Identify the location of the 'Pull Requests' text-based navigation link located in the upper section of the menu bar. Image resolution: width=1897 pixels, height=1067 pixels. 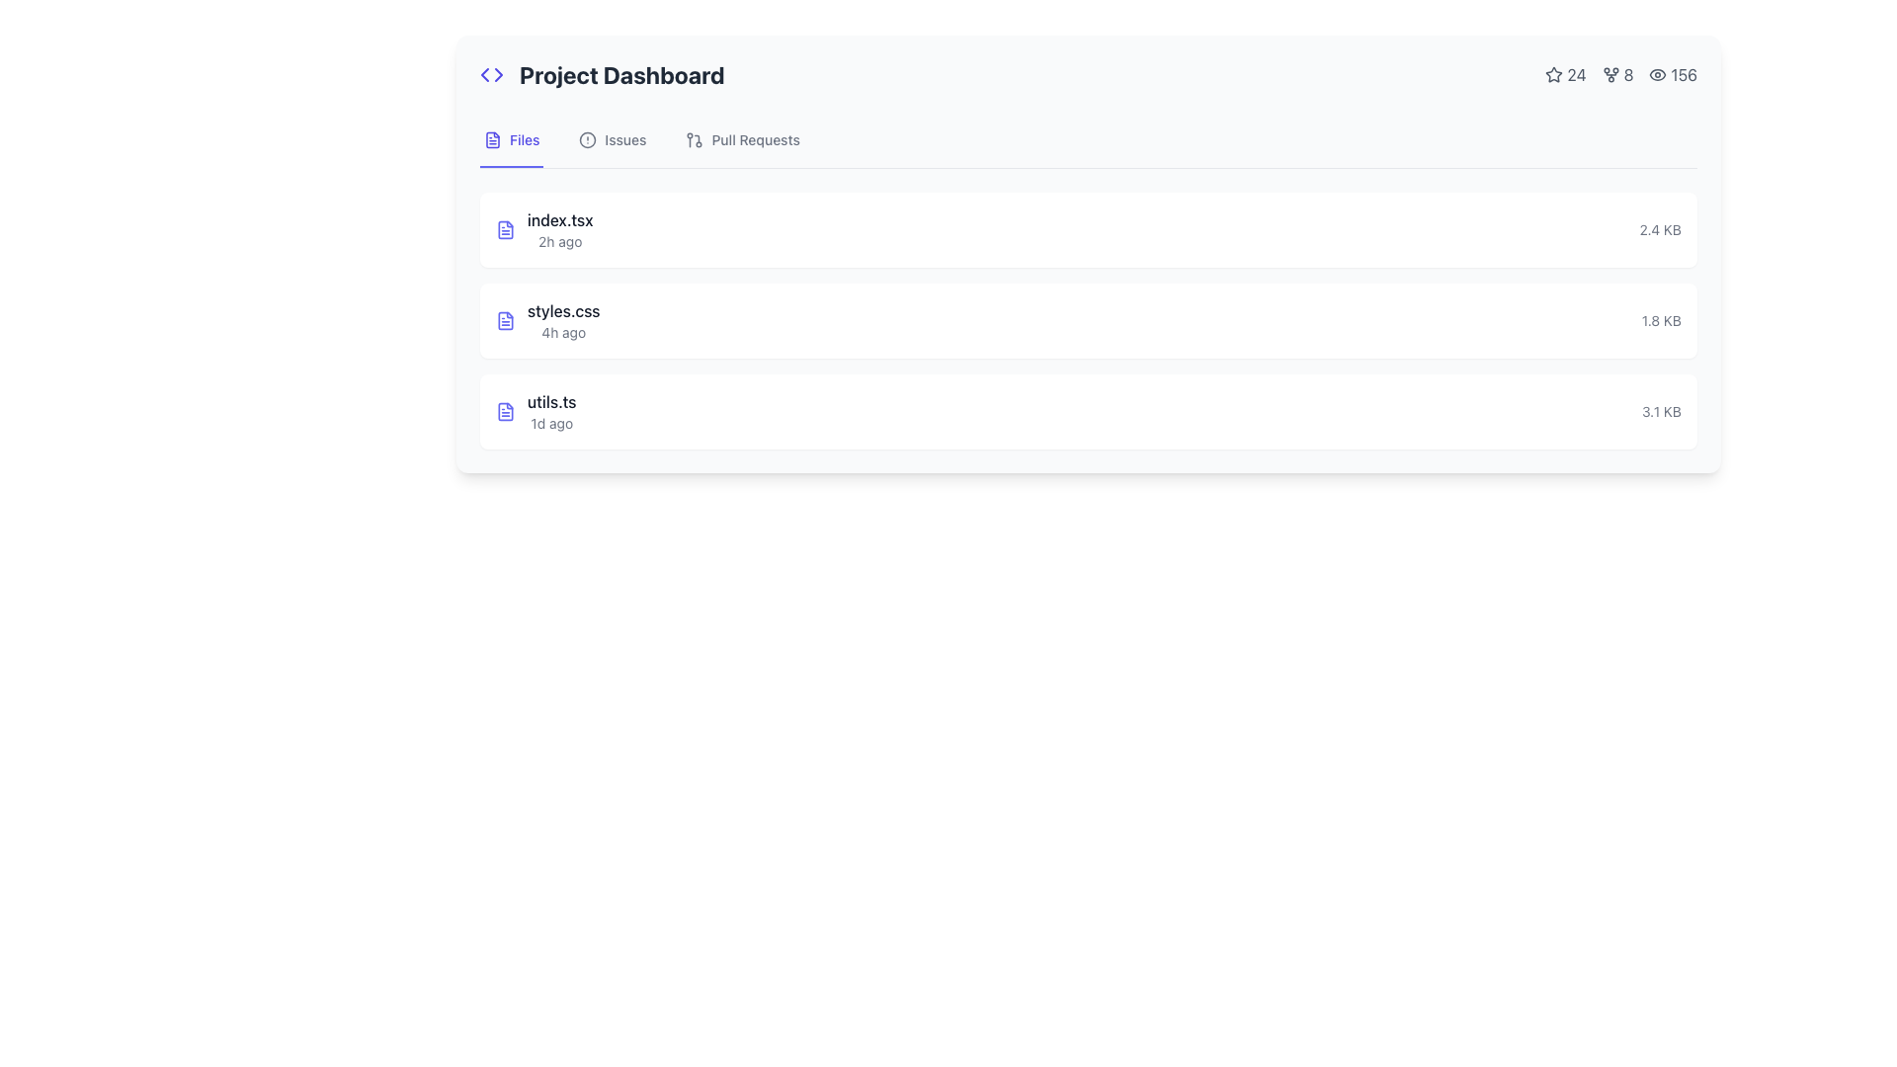
(755, 139).